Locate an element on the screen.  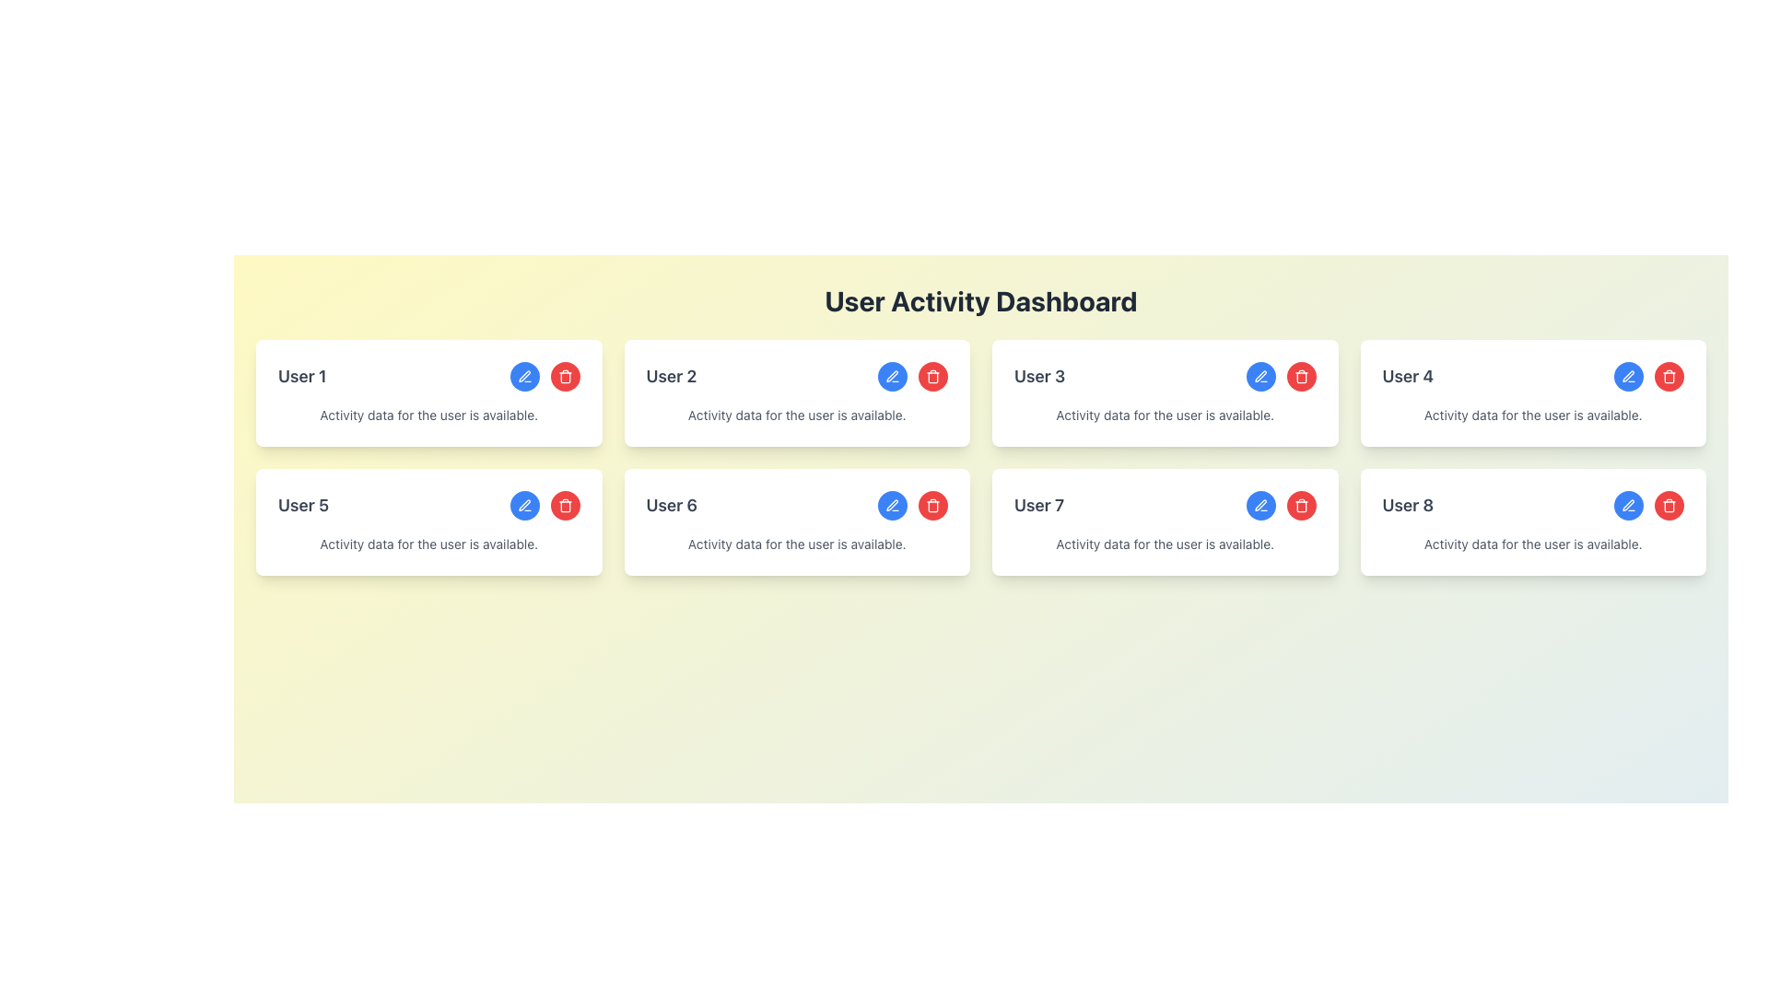
informational text about the activity data availability for 'User 8', located at the bottom of the user card in the bottom-right corner of the interface is located at coordinates (1533, 543).